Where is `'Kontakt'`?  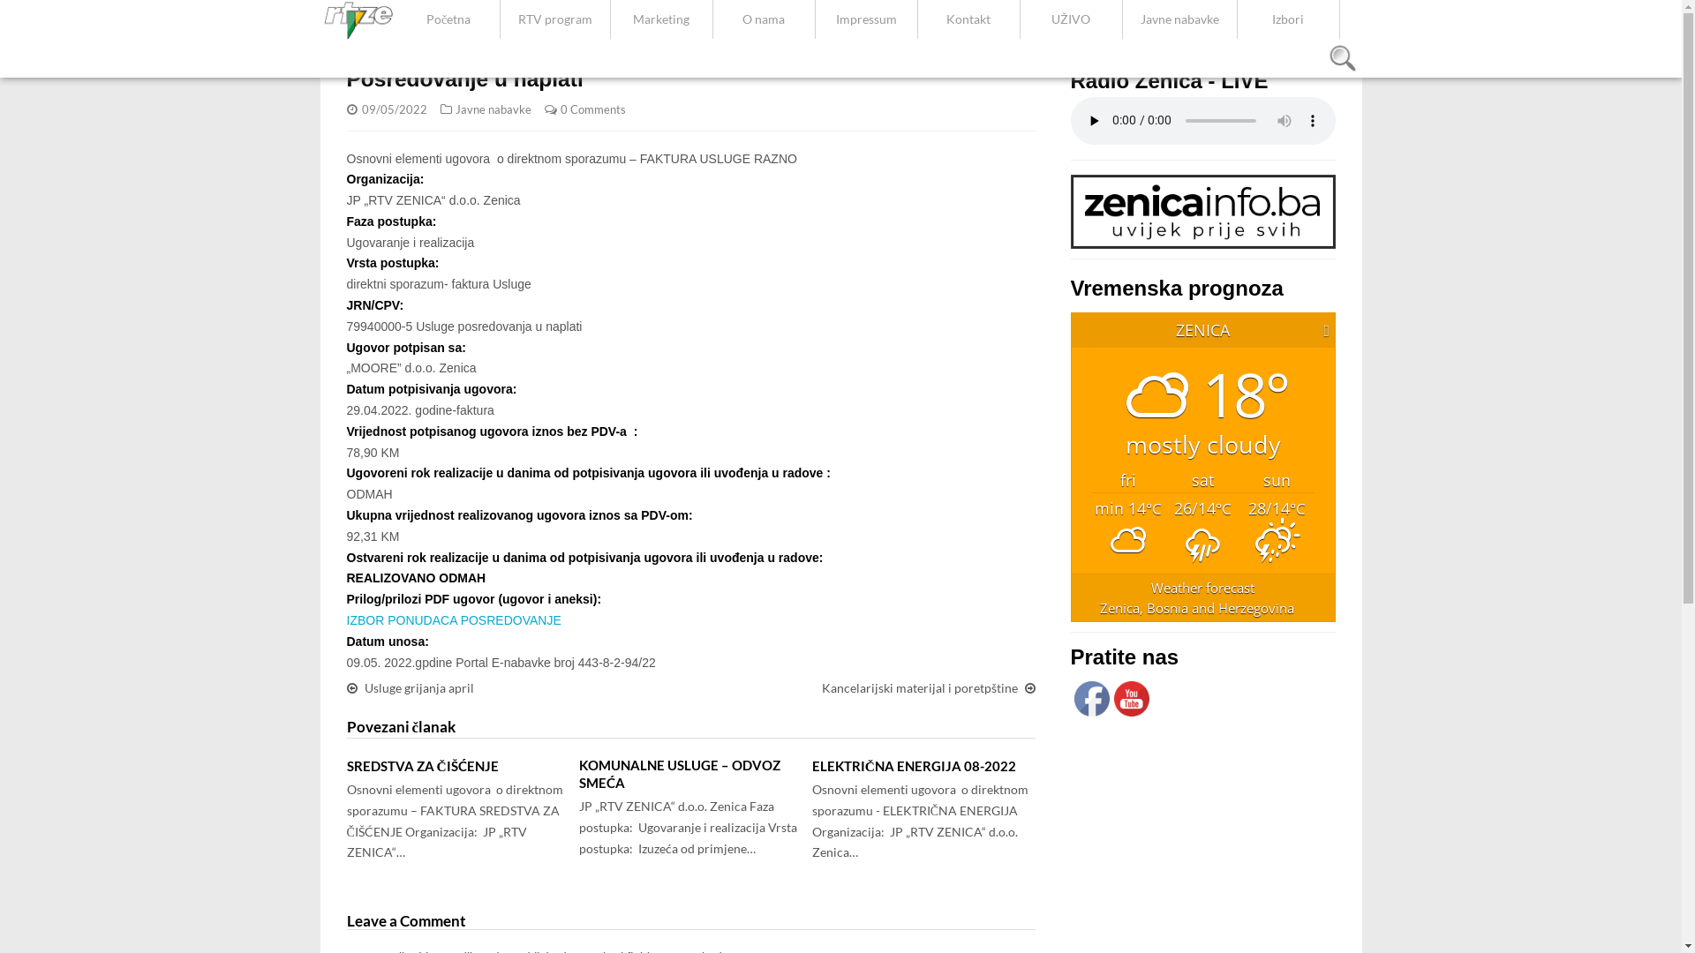 'Kontakt' is located at coordinates (968, 19).